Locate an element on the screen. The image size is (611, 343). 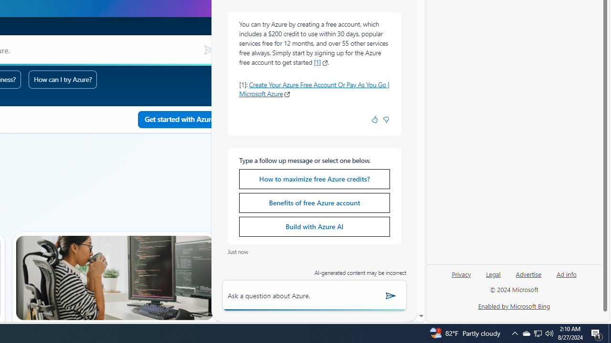
'Negative feedback badge icon' is located at coordinates (386, 119).